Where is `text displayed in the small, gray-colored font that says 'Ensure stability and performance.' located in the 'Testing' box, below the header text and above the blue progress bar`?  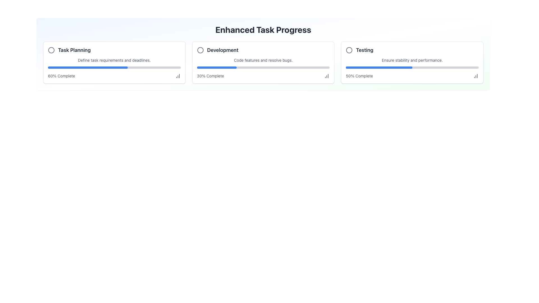 text displayed in the small, gray-colored font that says 'Ensure stability and performance.' located in the 'Testing' box, below the header text and above the blue progress bar is located at coordinates (412, 60).